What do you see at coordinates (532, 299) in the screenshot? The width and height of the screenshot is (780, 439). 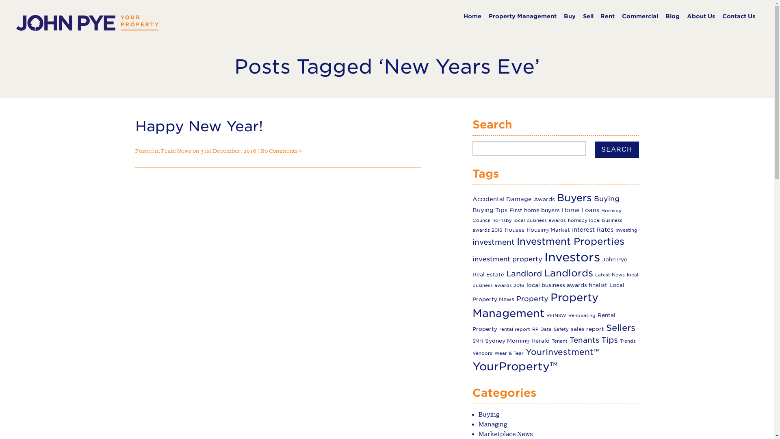 I see `'Property'` at bounding box center [532, 299].